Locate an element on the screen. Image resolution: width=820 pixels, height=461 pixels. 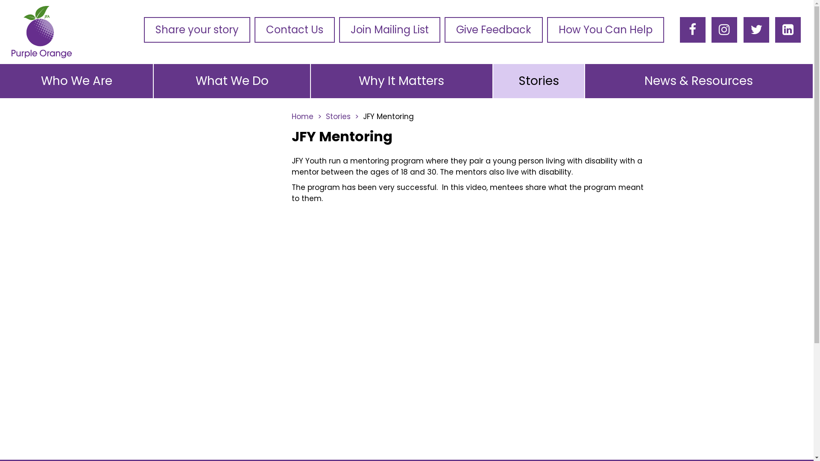
'Purple Orange' is located at coordinates (8, 32).